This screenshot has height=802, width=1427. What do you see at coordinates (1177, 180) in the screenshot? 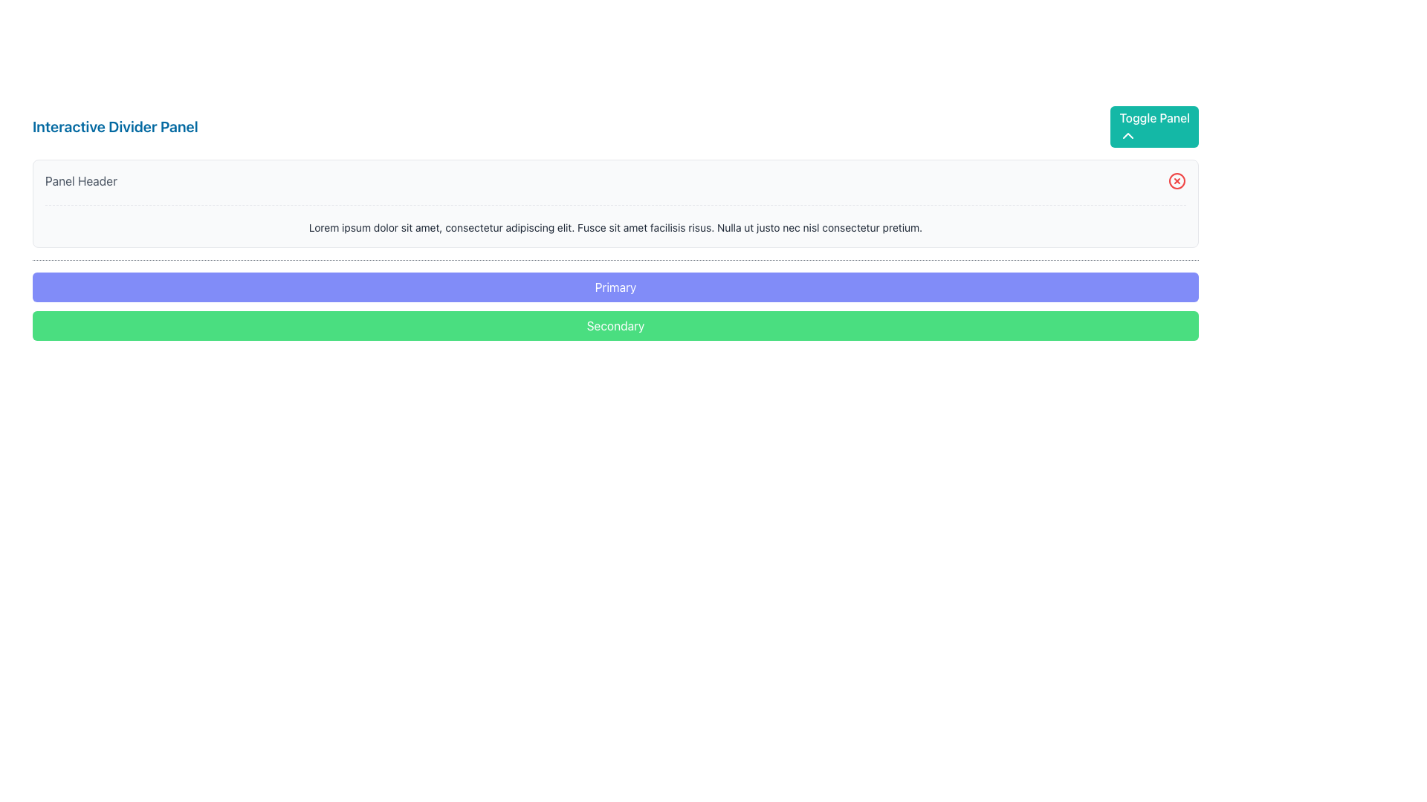
I see `the circular component of the cancel icon located in the top-right corner of the header panel` at bounding box center [1177, 180].